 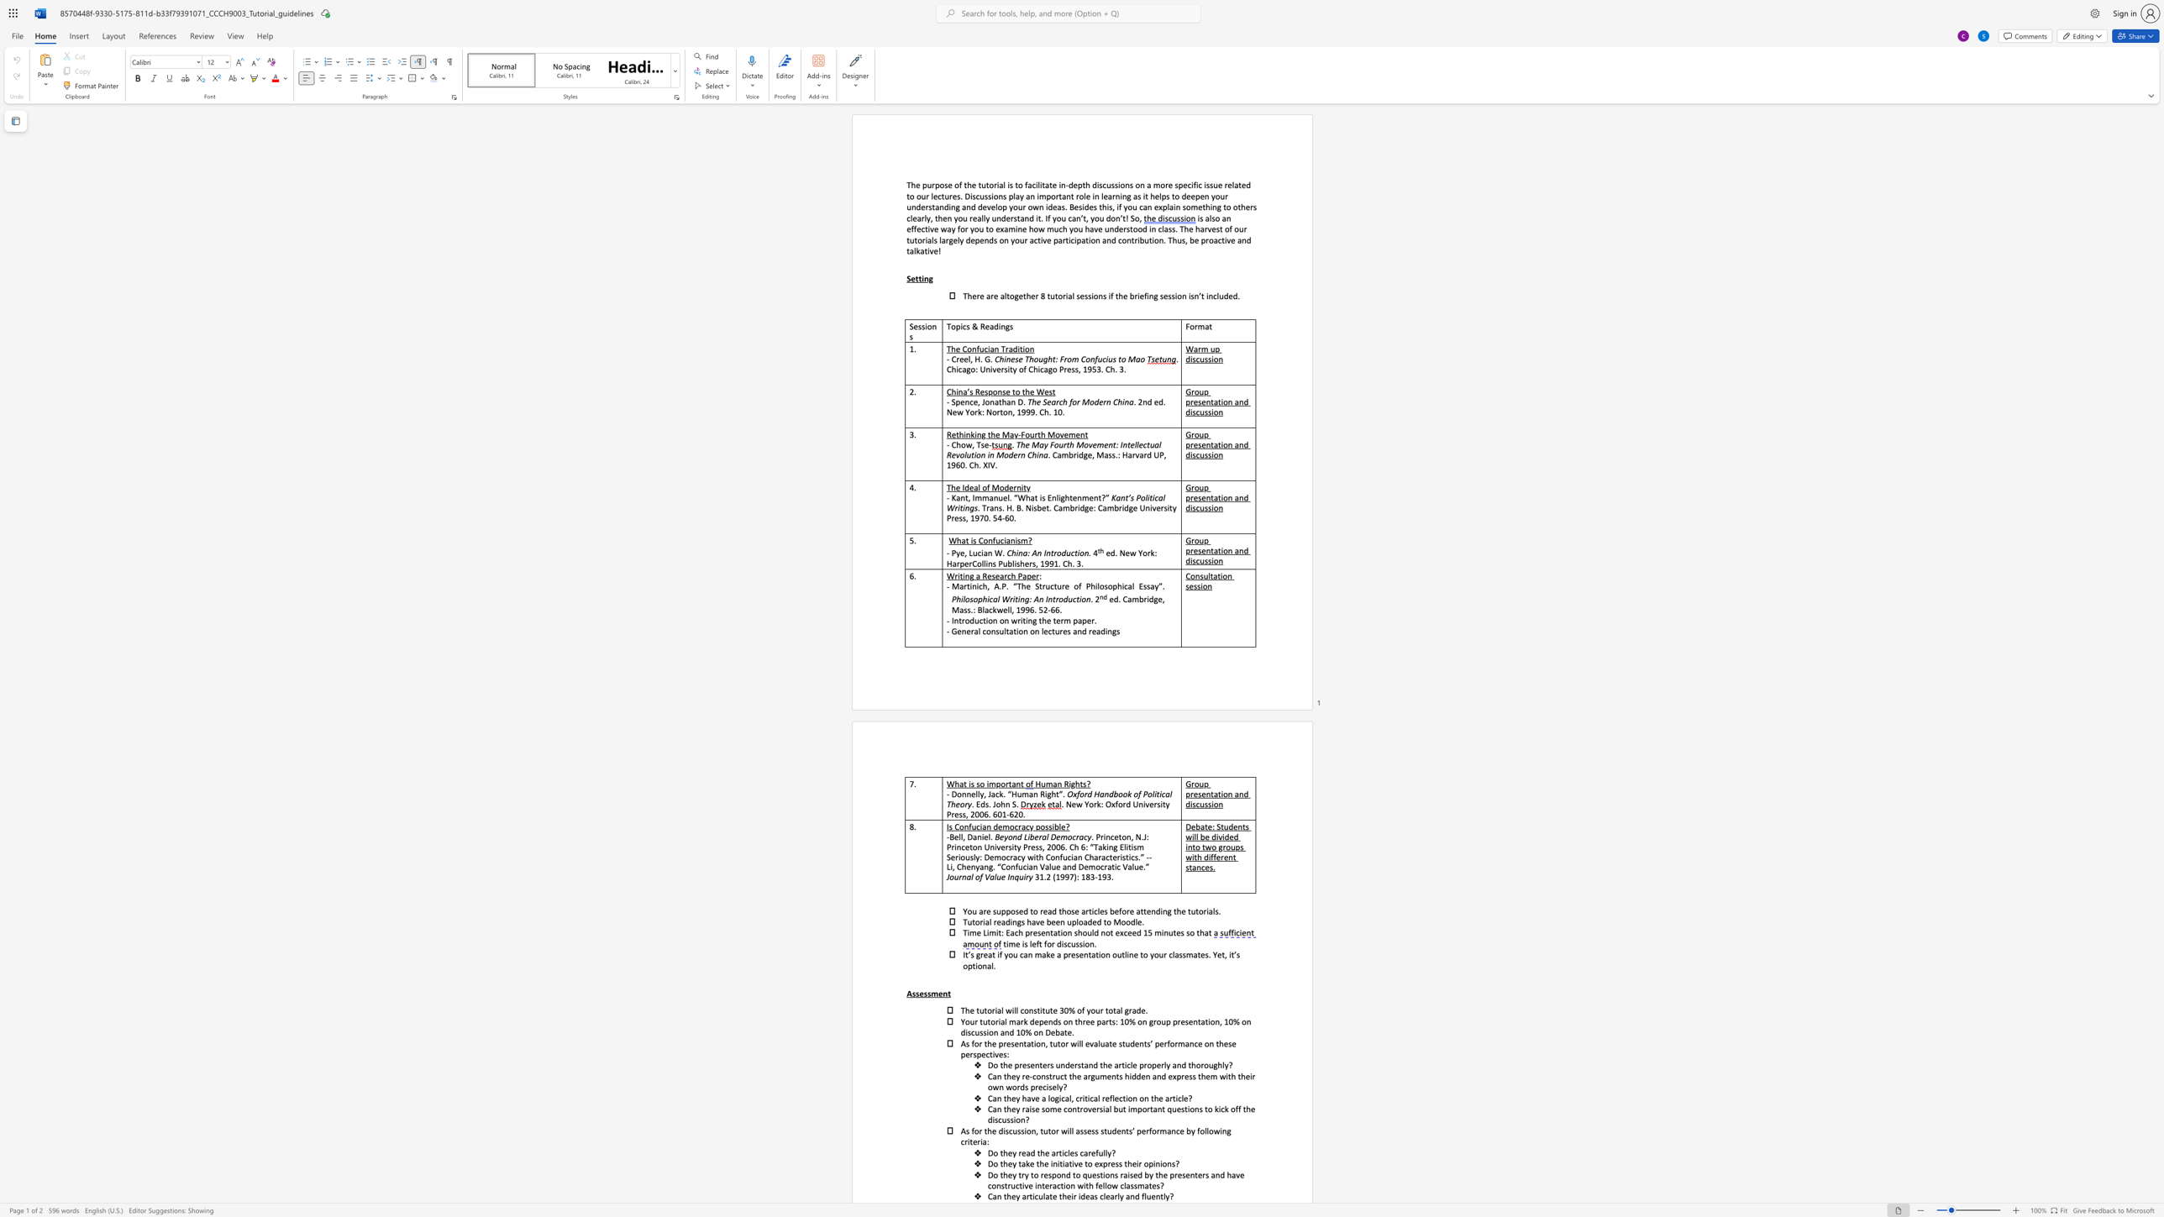 I want to click on the subset text "standing and develop your own ideas. Besides this, if you can explain s" within the text "in learning as it helps to deepen your understanding and develop your own ideas. Besides this, if you can explain something to others clearly, then you really understand it. If you", so click(x=927, y=206).